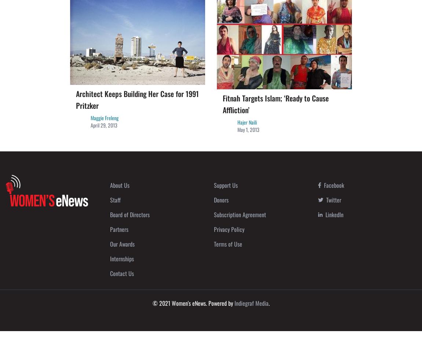  What do you see at coordinates (251, 302) in the screenshot?
I see `'Indiegraf Media'` at bounding box center [251, 302].